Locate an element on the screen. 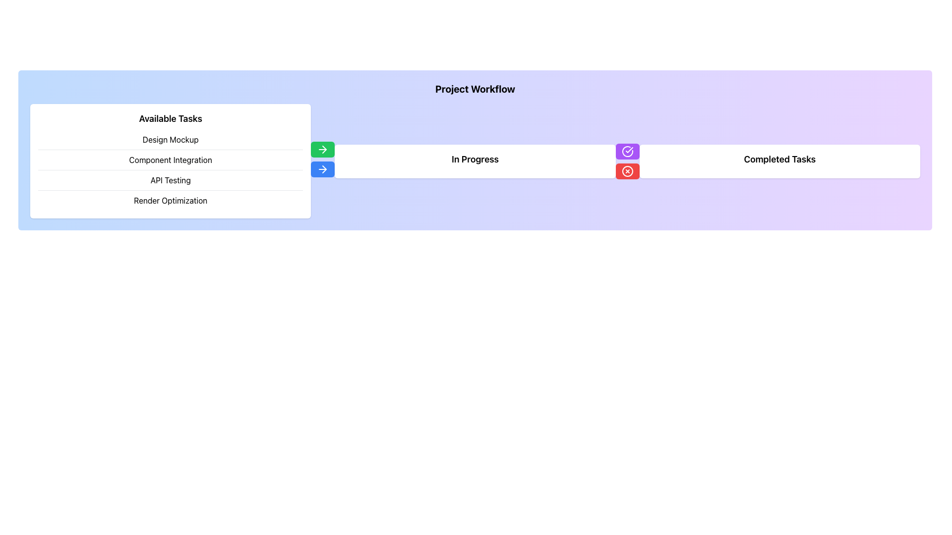 Image resolution: width=952 pixels, height=535 pixels. the text element 'Render Optimization', which is the last item in the list under 'Available Tasks' is located at coordinates (171, 201).